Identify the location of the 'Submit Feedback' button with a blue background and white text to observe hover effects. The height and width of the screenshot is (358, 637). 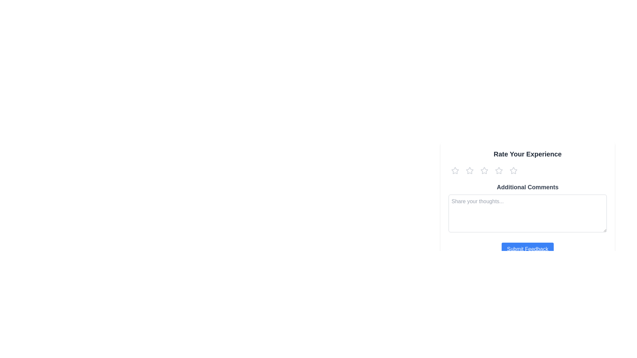
(527, 249).